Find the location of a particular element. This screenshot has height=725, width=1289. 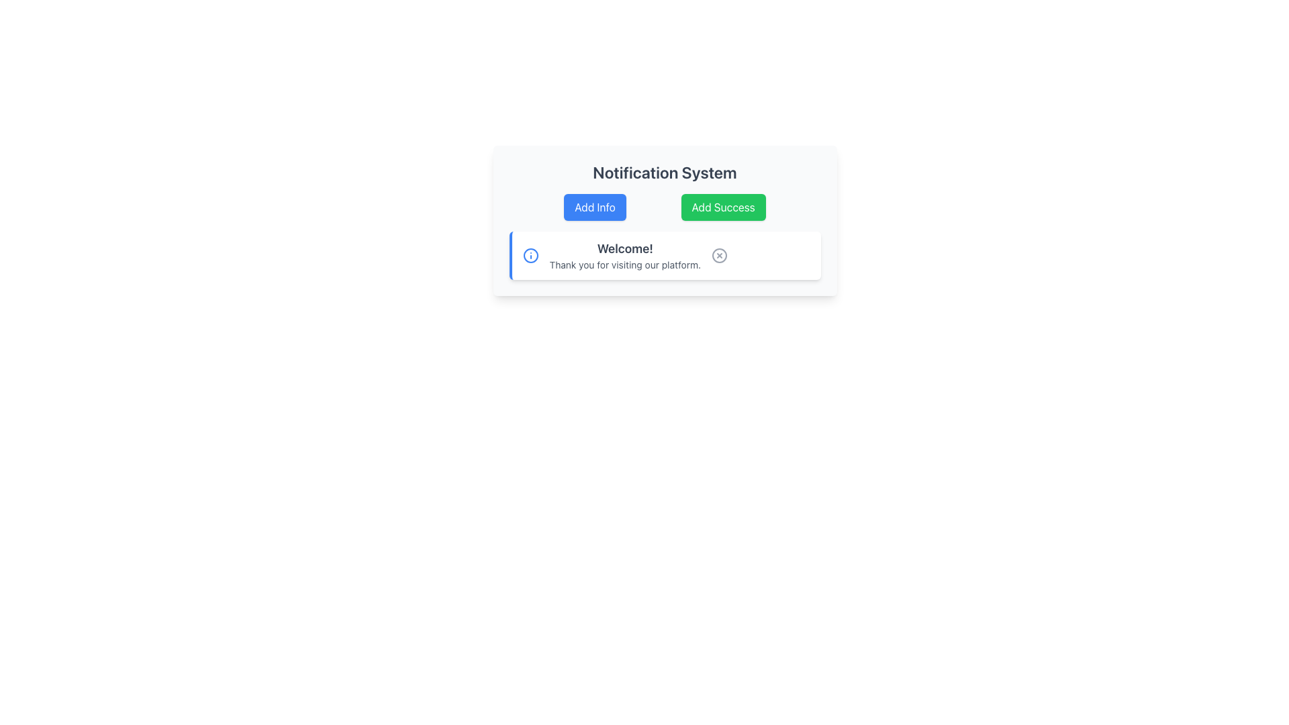

the leftmost button located below the 'Notification System' heading is located at coordinates (594, 207).